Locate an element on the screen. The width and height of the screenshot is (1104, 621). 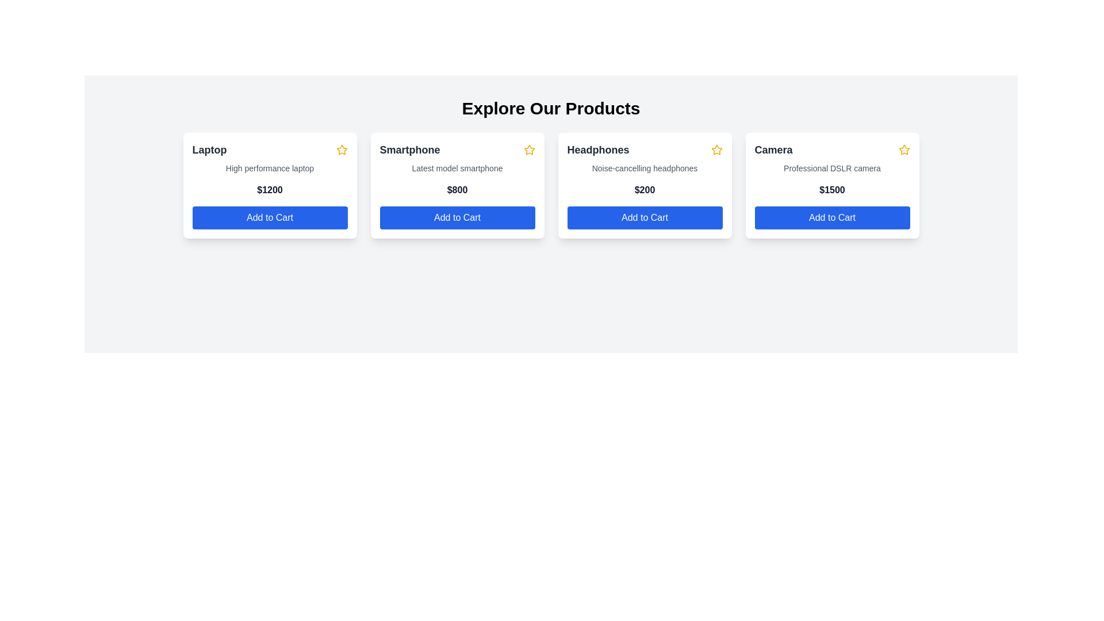
product name from the text label located at the top left of the fourth product card in the horizontal grid is located at coordinates (773, 149).